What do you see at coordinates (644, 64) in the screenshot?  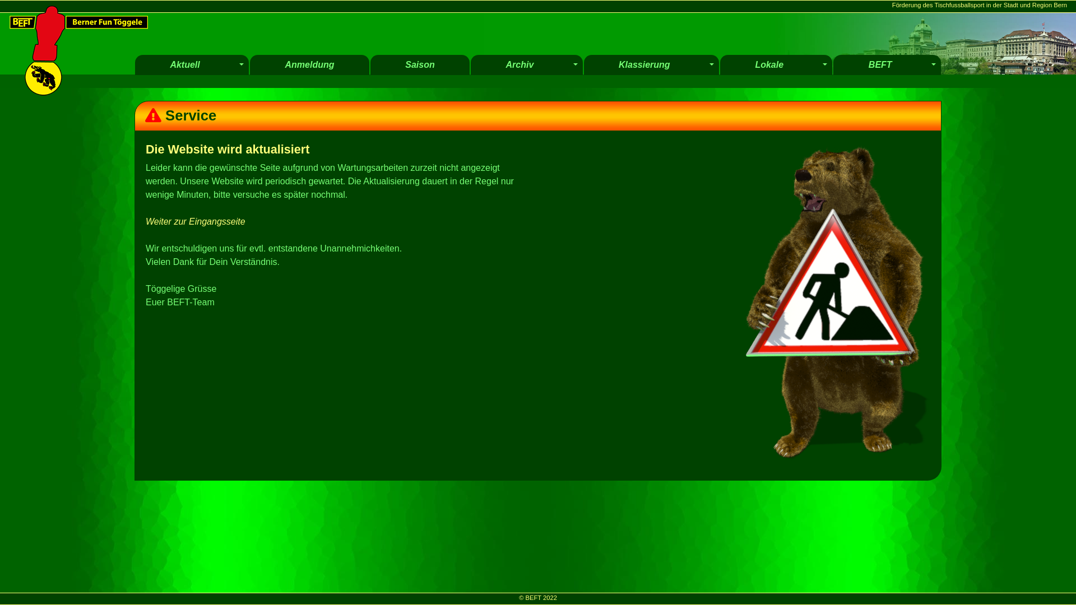 I see `'Klassierung'` at bounding box center [644, 64].